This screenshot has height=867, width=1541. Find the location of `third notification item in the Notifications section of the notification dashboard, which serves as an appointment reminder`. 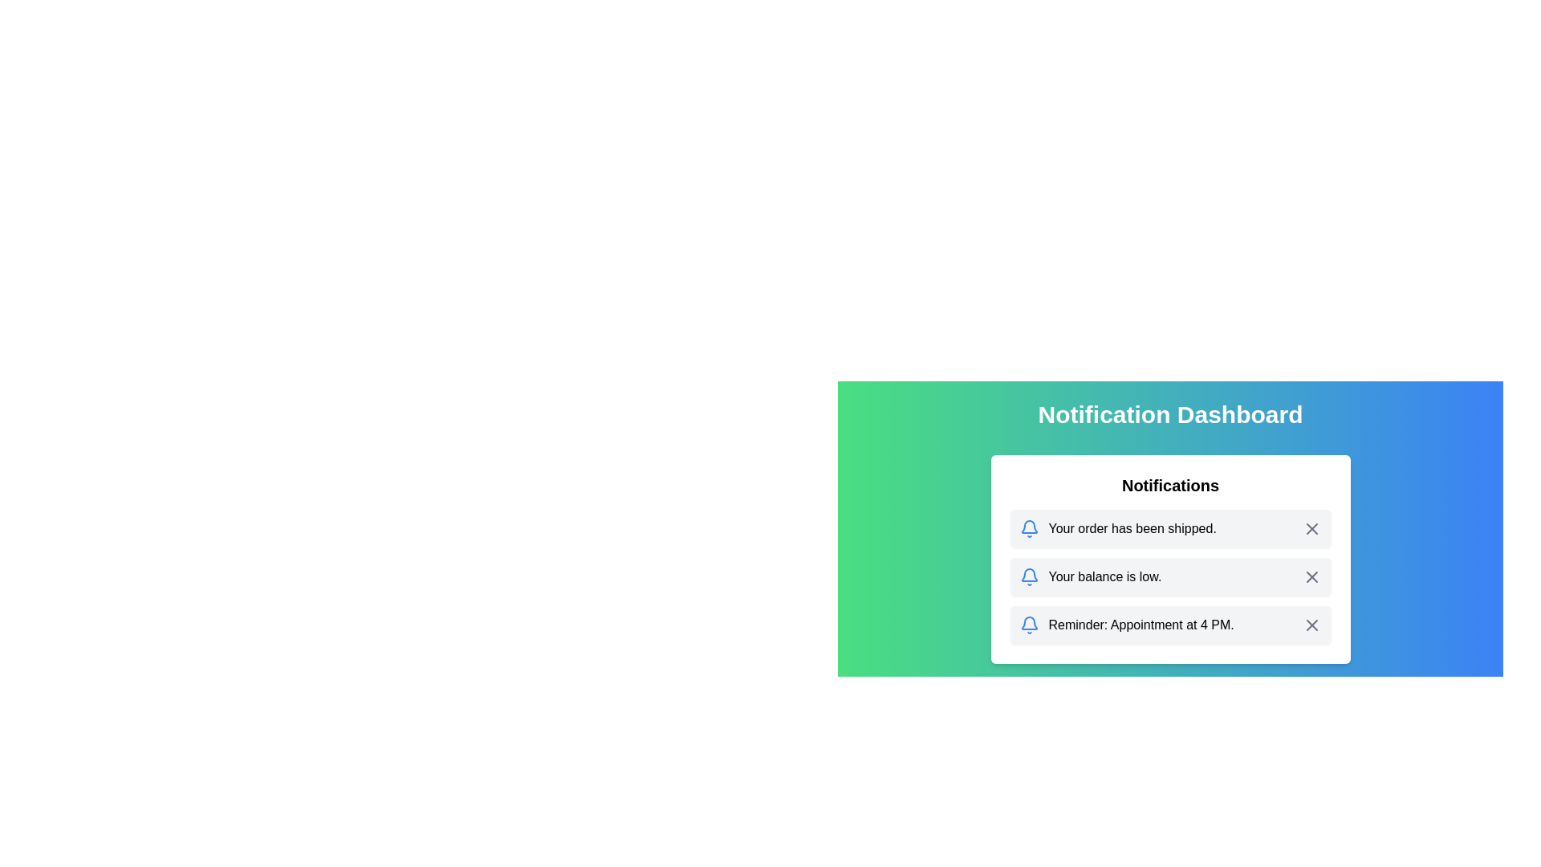

third notification item in the Notifications section of the notification dashboard, which serves as an appointment reminder is located at coordinates (1170, 625).